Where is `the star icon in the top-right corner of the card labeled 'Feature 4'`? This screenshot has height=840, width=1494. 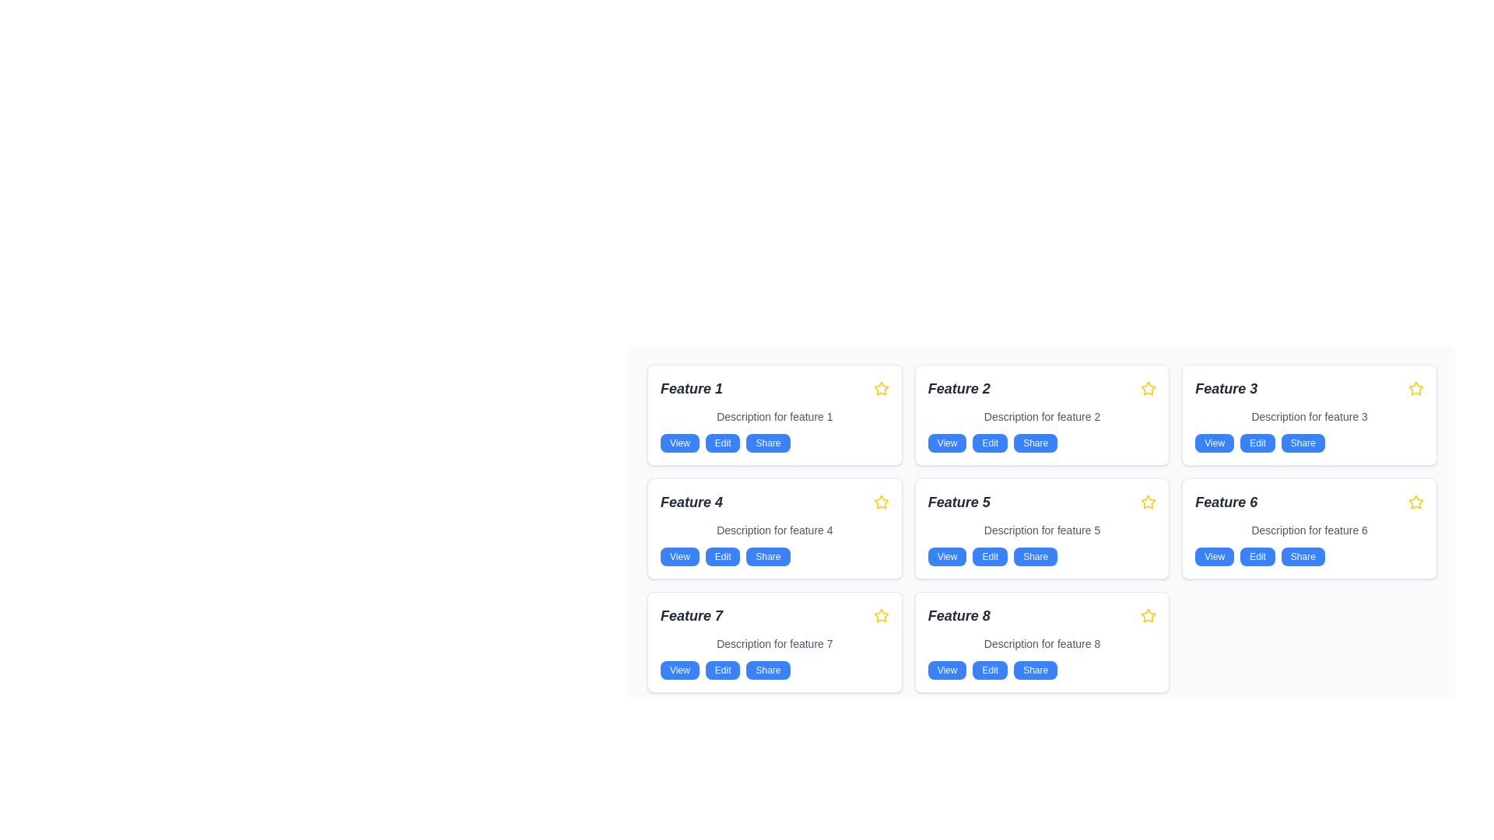
the star icon in the top-right corner of the card labeled 'Feature 4' is located at coordinates (881, 387).